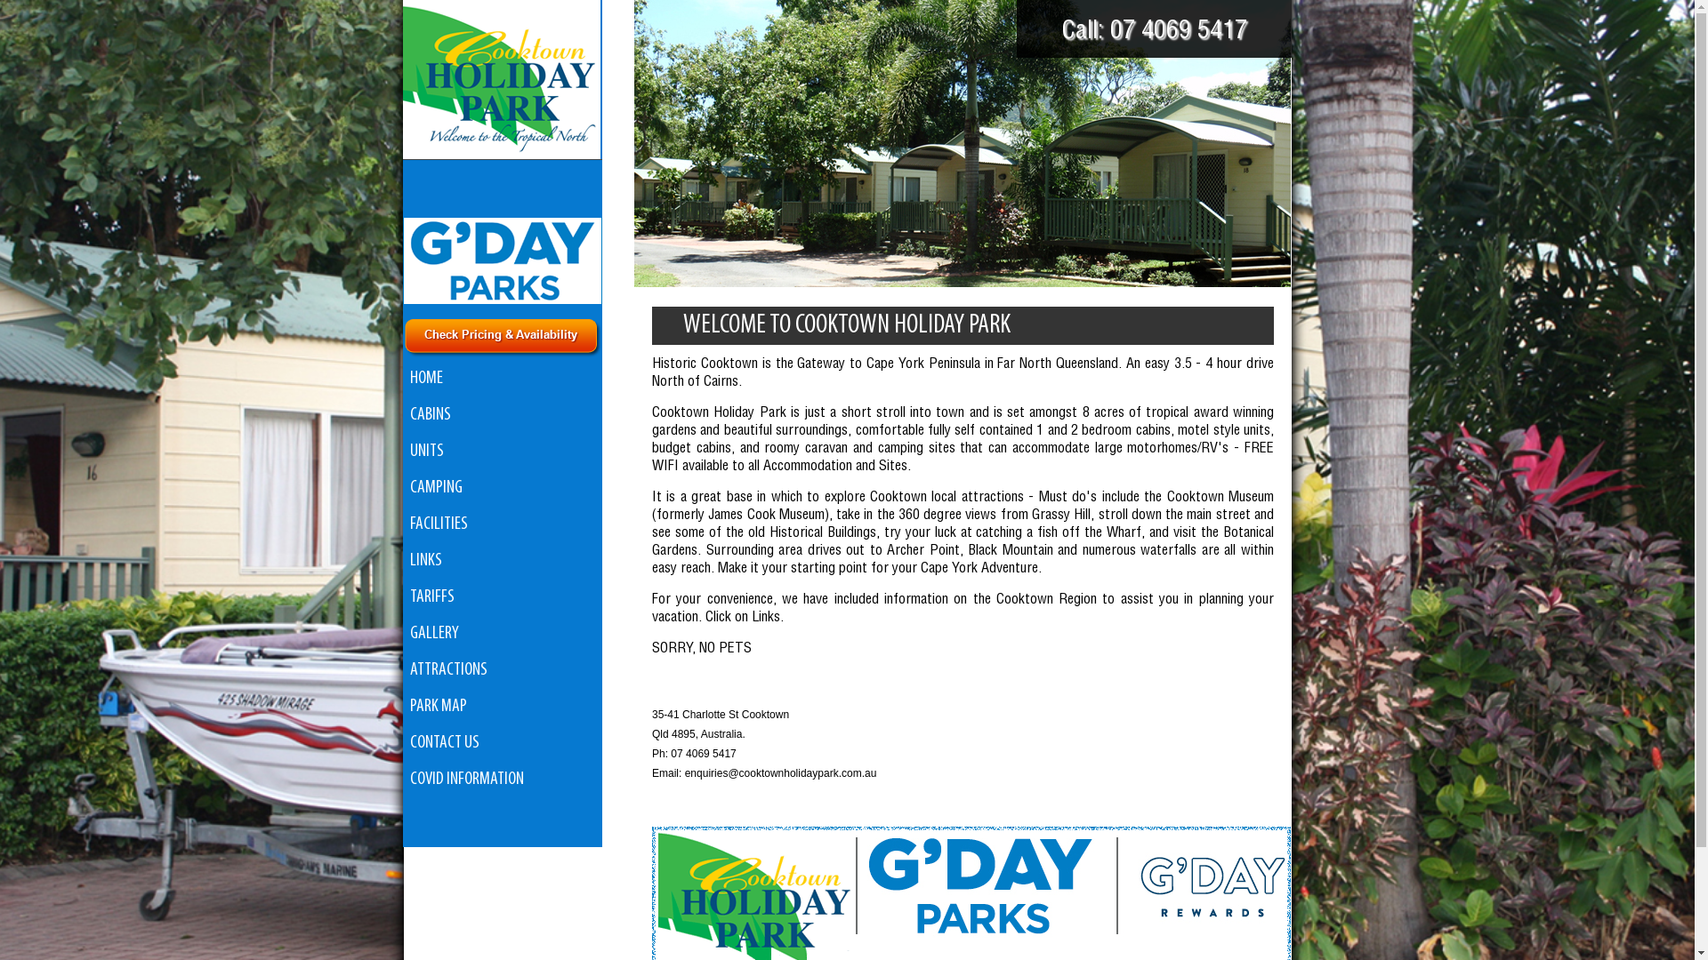 The image size is (1708, 960). Describe the element at coordinates (502, 743) in the screenshot. I see `'CONTACT US'` at that location.